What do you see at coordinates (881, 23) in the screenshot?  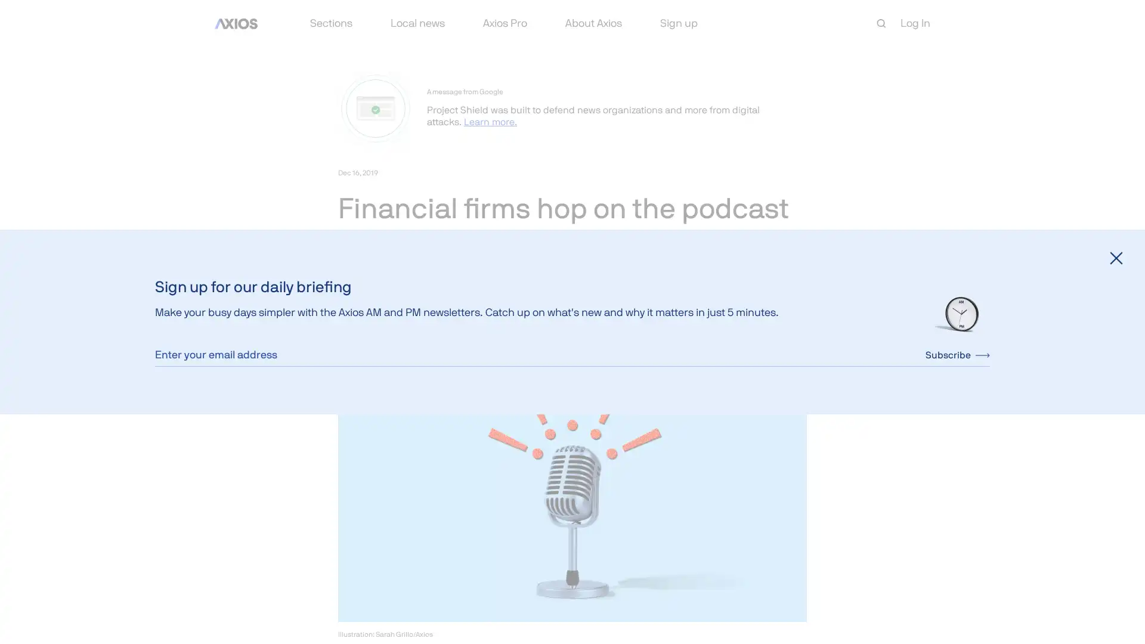 I see `open search` at bounding box center [881, 23].